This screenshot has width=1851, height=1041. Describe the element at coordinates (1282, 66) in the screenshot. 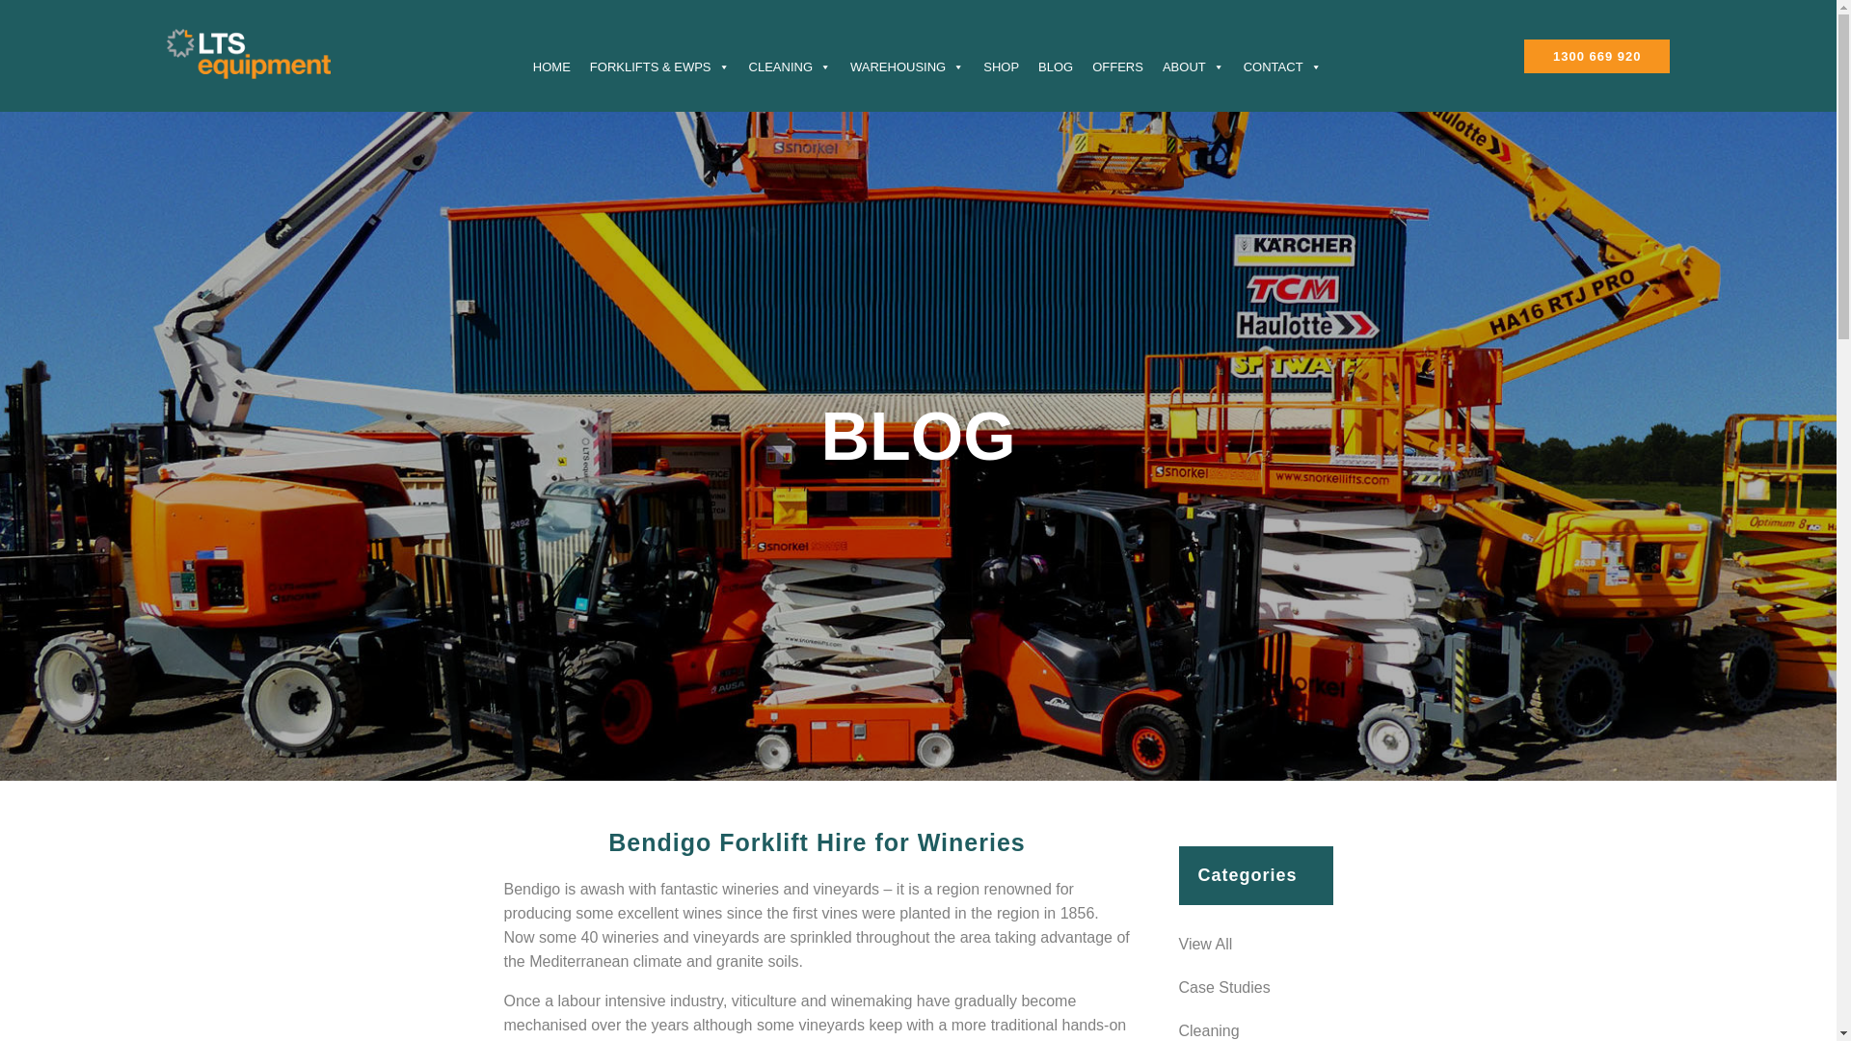

I see `'CONTACT'` at that location.